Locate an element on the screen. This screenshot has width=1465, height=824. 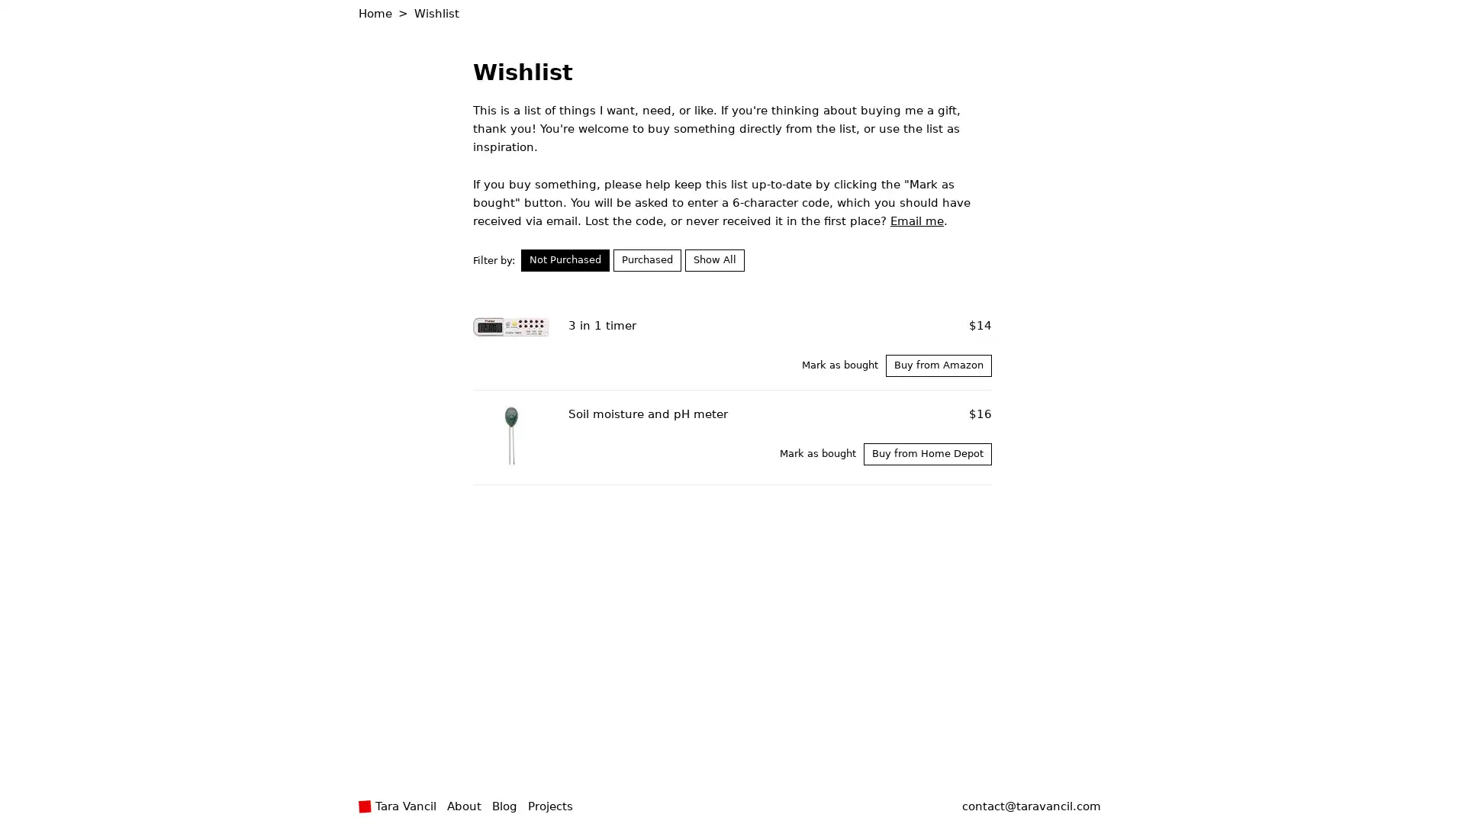
Mark as bought is located at coordinates (816, 452).